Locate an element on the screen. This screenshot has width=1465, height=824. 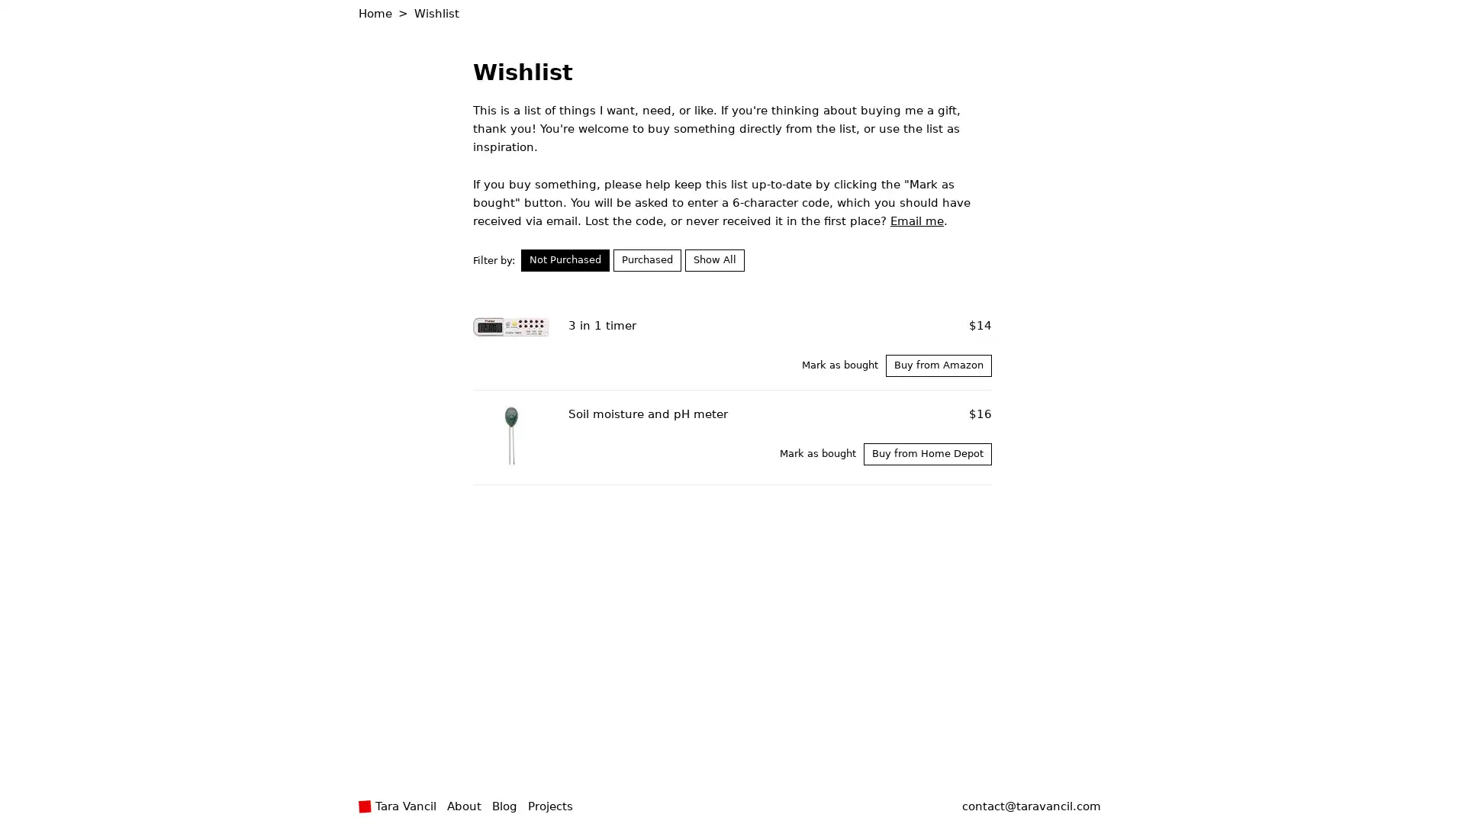
Mark as bought is located at coordinates (816, 452).